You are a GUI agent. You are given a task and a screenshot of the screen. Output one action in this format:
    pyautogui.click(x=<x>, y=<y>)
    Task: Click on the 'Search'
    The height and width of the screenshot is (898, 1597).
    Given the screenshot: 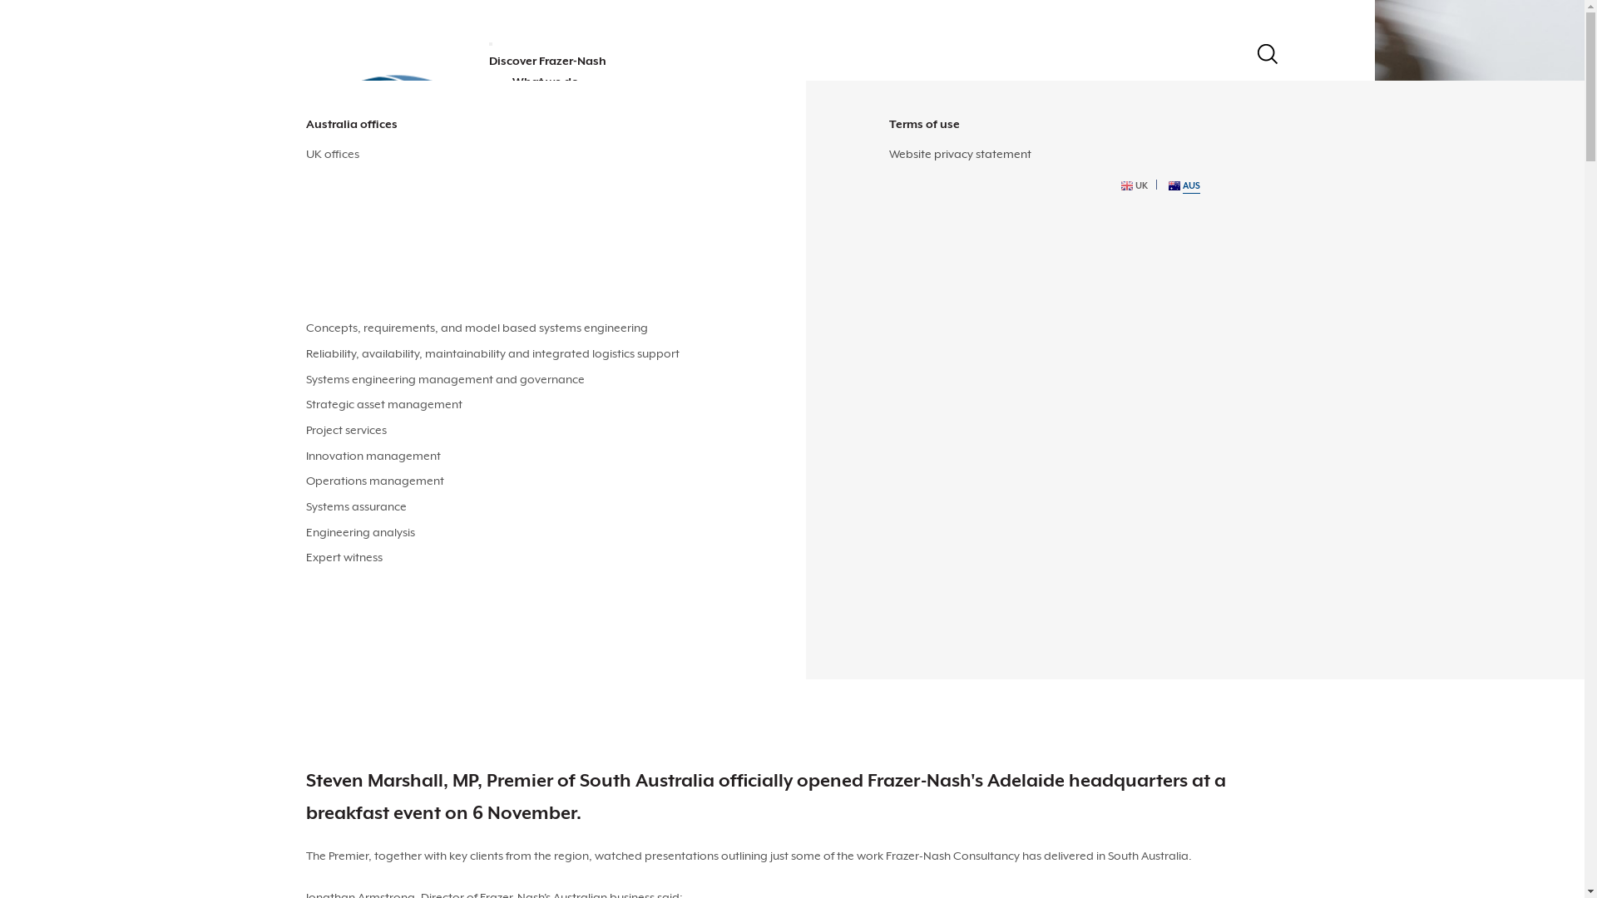 What is the action you would take?
    pyautogui.click(x=1266, y=53)
    